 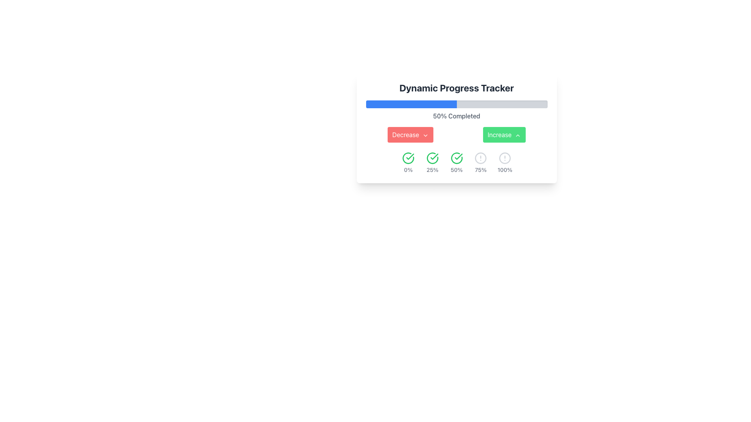 I want to click on the text label displaying '25%' which is styled in gray color and positioned under a green checkmark icon, so click(x=432, y=170).